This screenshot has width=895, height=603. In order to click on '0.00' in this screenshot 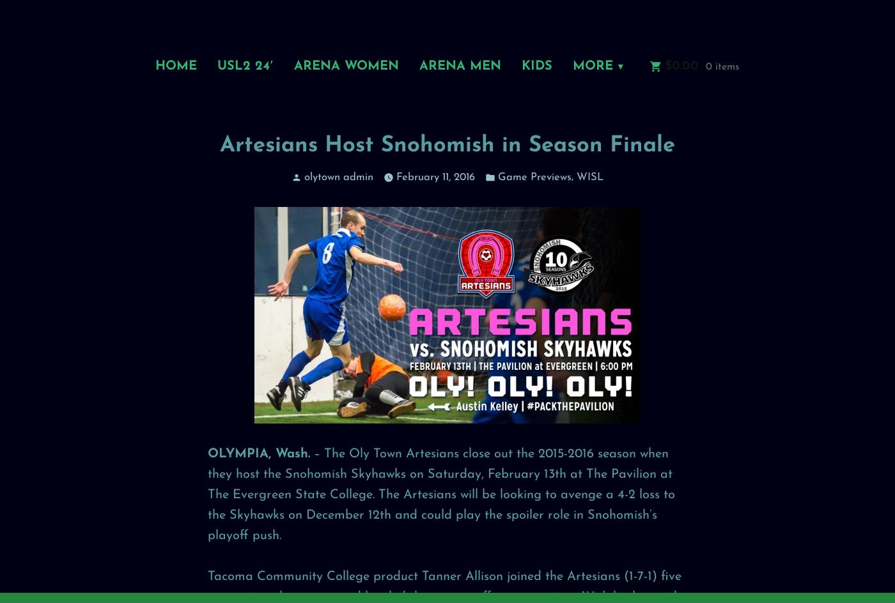, I will do `click(685, 65)`.